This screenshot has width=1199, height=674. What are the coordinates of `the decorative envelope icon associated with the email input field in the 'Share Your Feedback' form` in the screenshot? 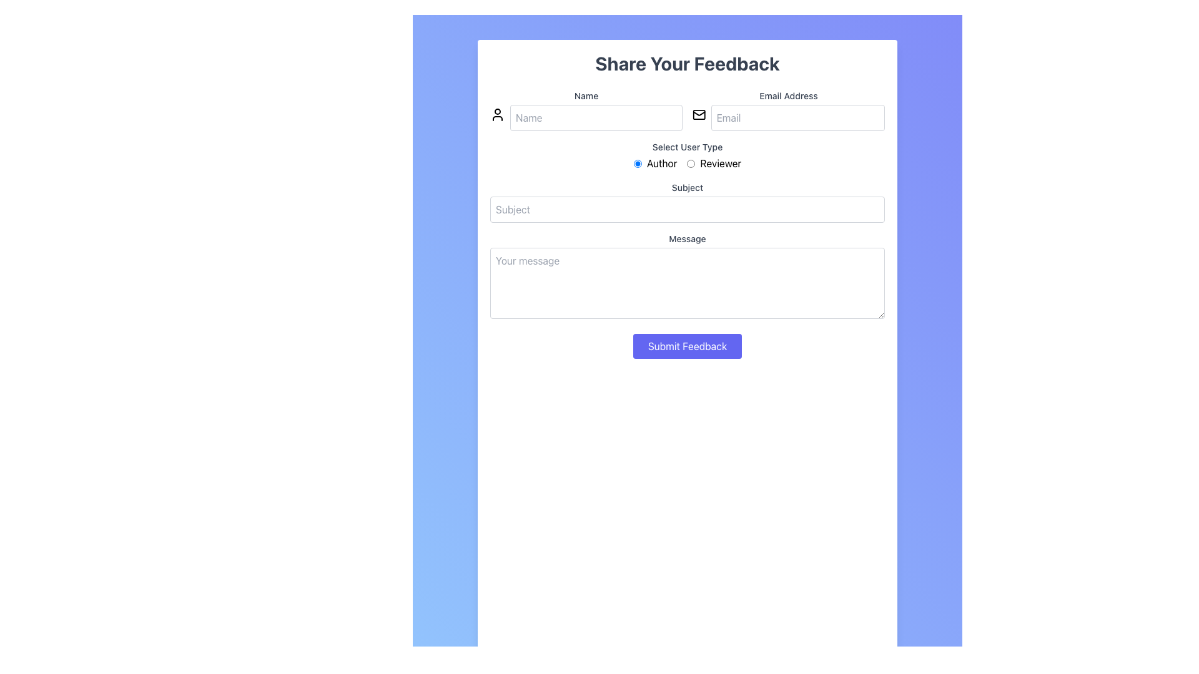 It's located at (698, 114).